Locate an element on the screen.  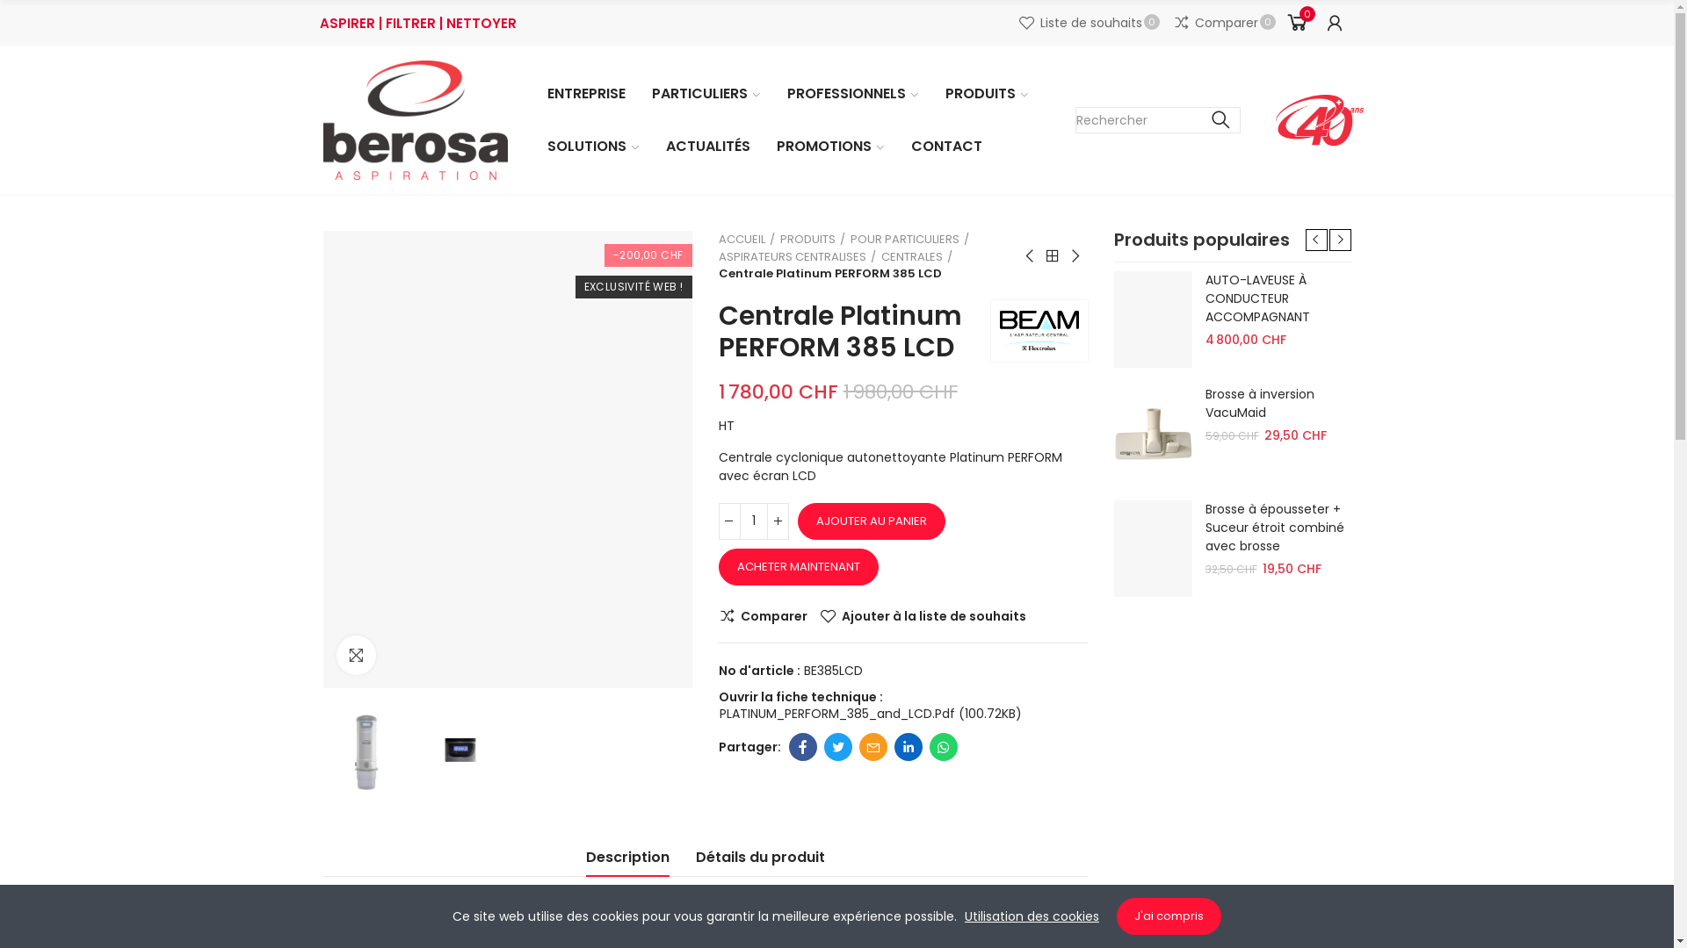
'Description' is located at coordinates (626, 861).